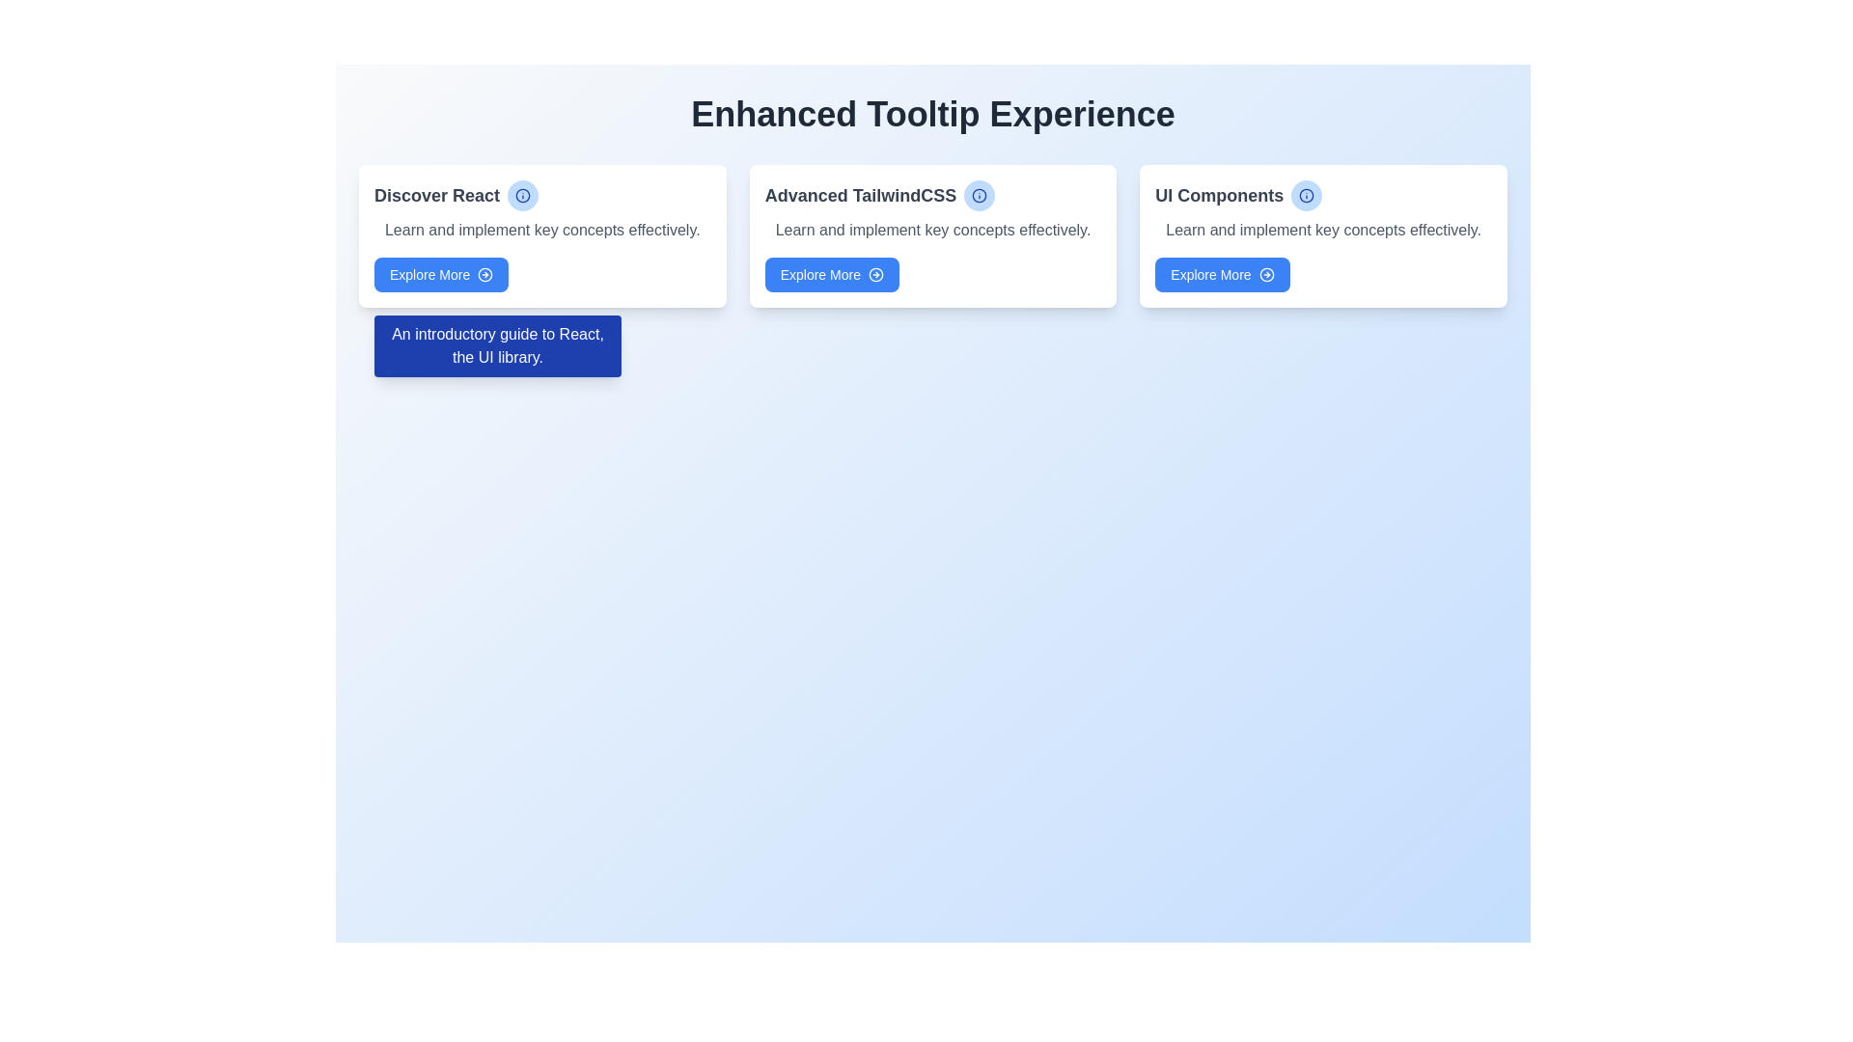 The height and width of the screenshot is (1042, 1853). What do you see at coordinates (980, 196) in the screenshot?
I see `the blue circular tooltip icon located at the top-right corner of the 'Advanced TailwindCSS' card` at bounding box center [980, 196].